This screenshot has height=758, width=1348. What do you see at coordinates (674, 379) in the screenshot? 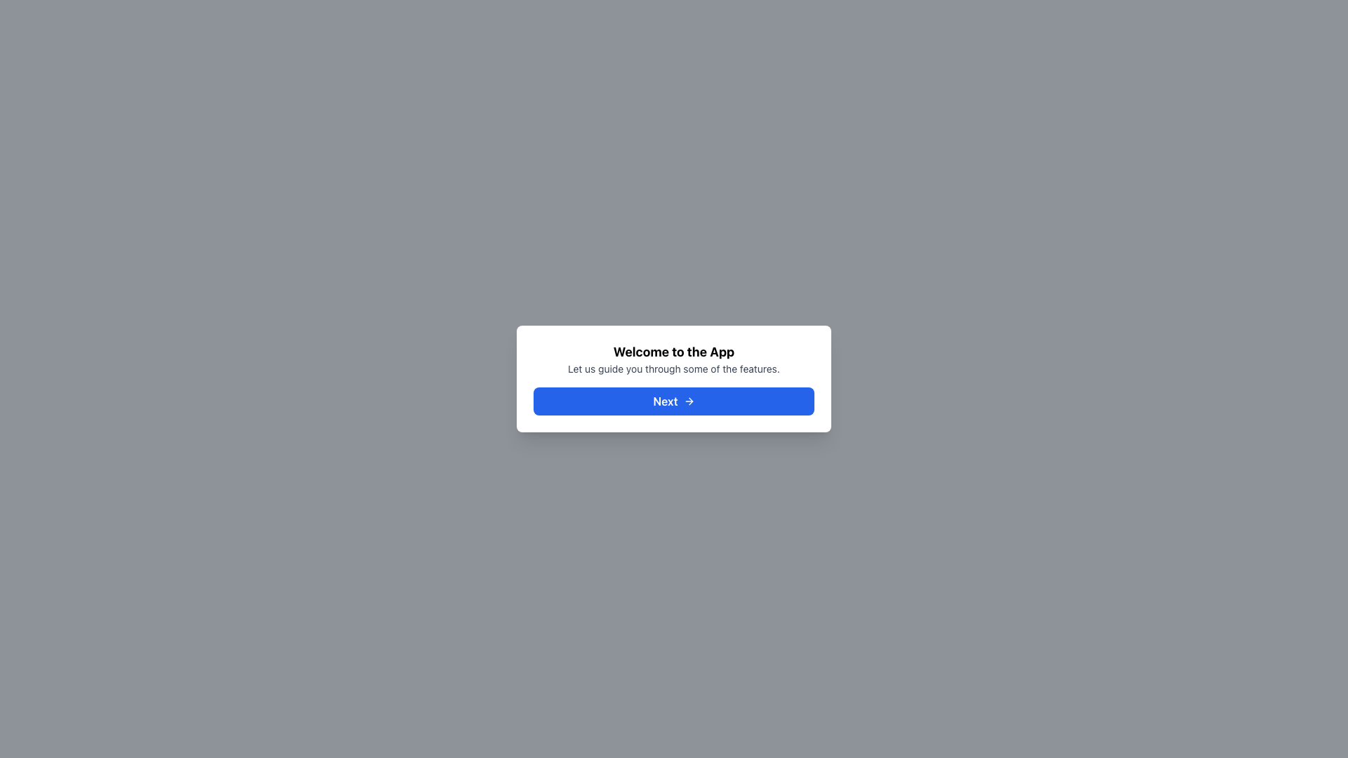
I see `the 'Next' button on the welcome dialog box to proceed to the next step` at bounding box center [674, 379].